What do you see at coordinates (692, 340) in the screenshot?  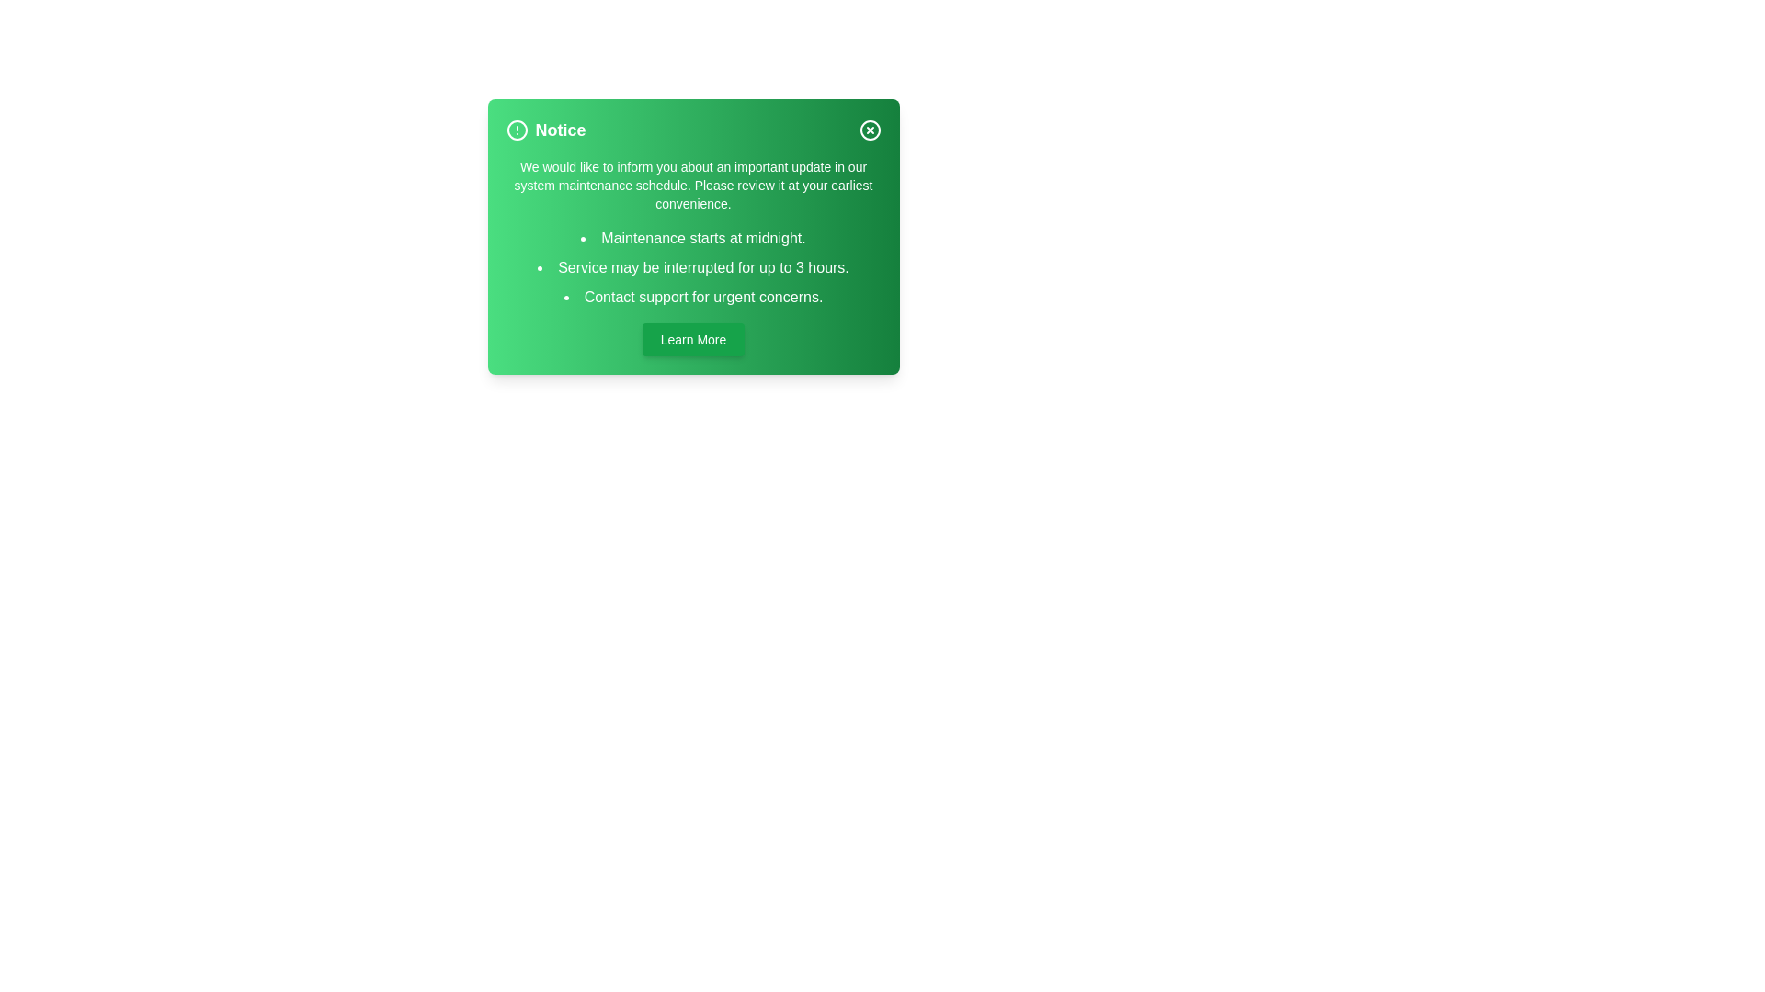 I see `the 'Learn More' button, which is a rectangular button with a green background and white text` at bounding box center [692, 340].